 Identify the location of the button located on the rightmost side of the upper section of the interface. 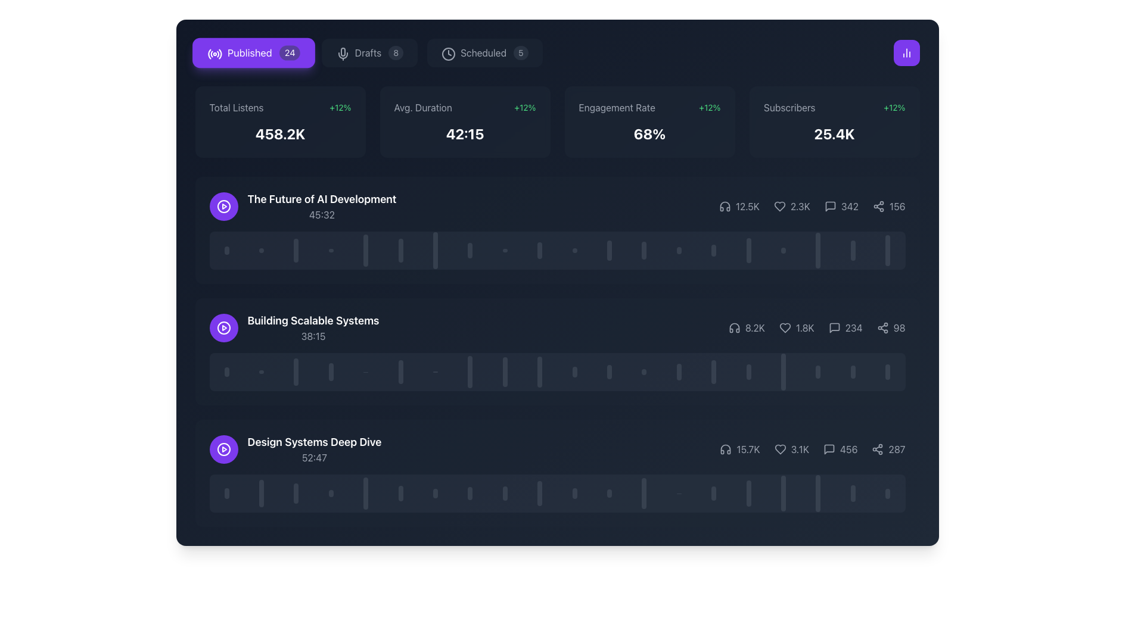
(906, 52).